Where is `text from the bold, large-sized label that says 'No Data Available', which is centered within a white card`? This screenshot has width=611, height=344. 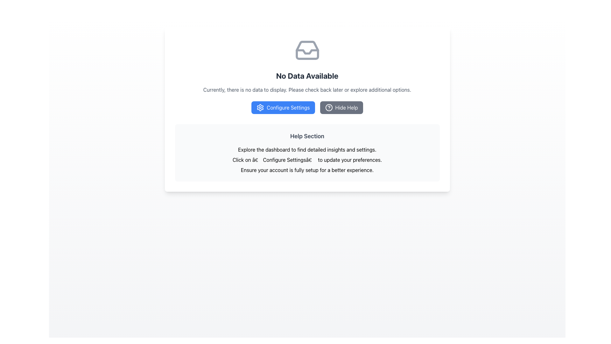 text from the bold, large-sized label that says 'No Data Available', which is centered within a white card is located at coordinates (307, 75).